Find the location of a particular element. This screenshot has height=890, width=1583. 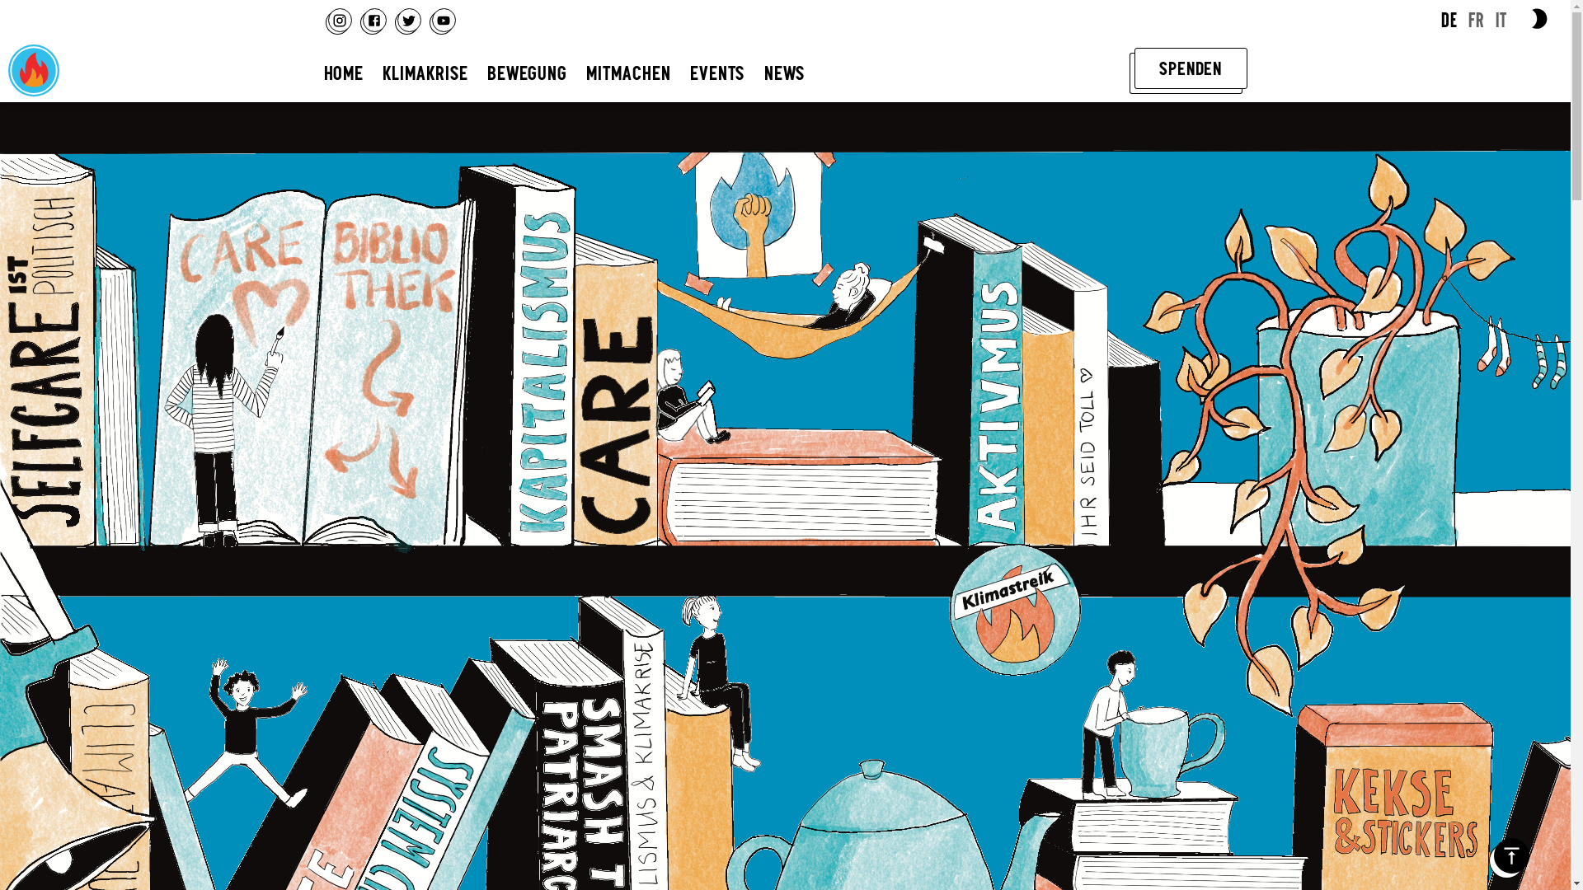

'KLIMAKRISE' is located at coordinates (425, 71).